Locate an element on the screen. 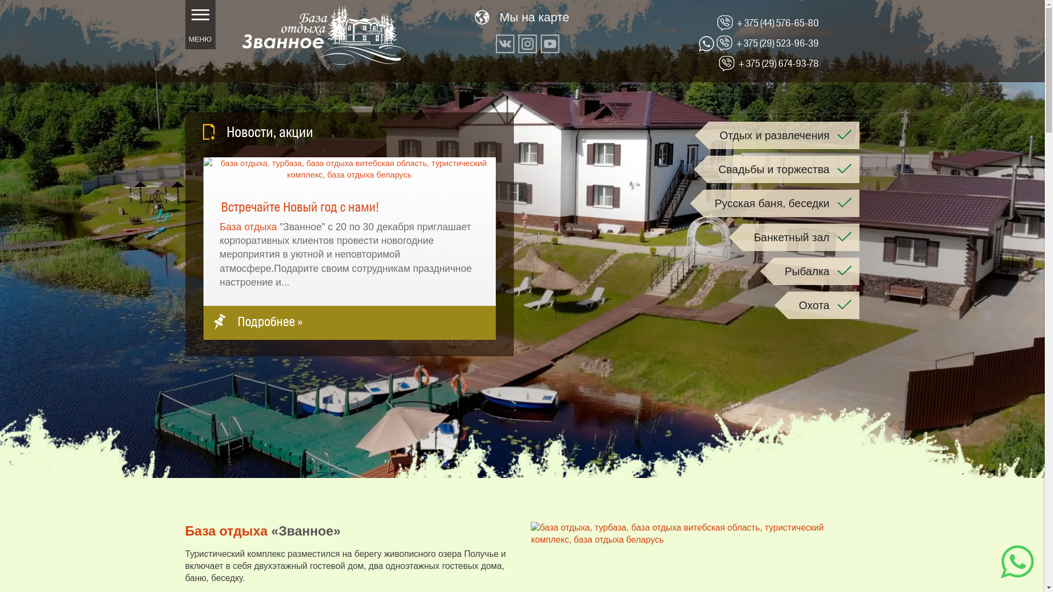 The height and width of the screenshot is (592, 1053). '+ 375 (44) 576-65-80' is located at coordinates (737, 22).